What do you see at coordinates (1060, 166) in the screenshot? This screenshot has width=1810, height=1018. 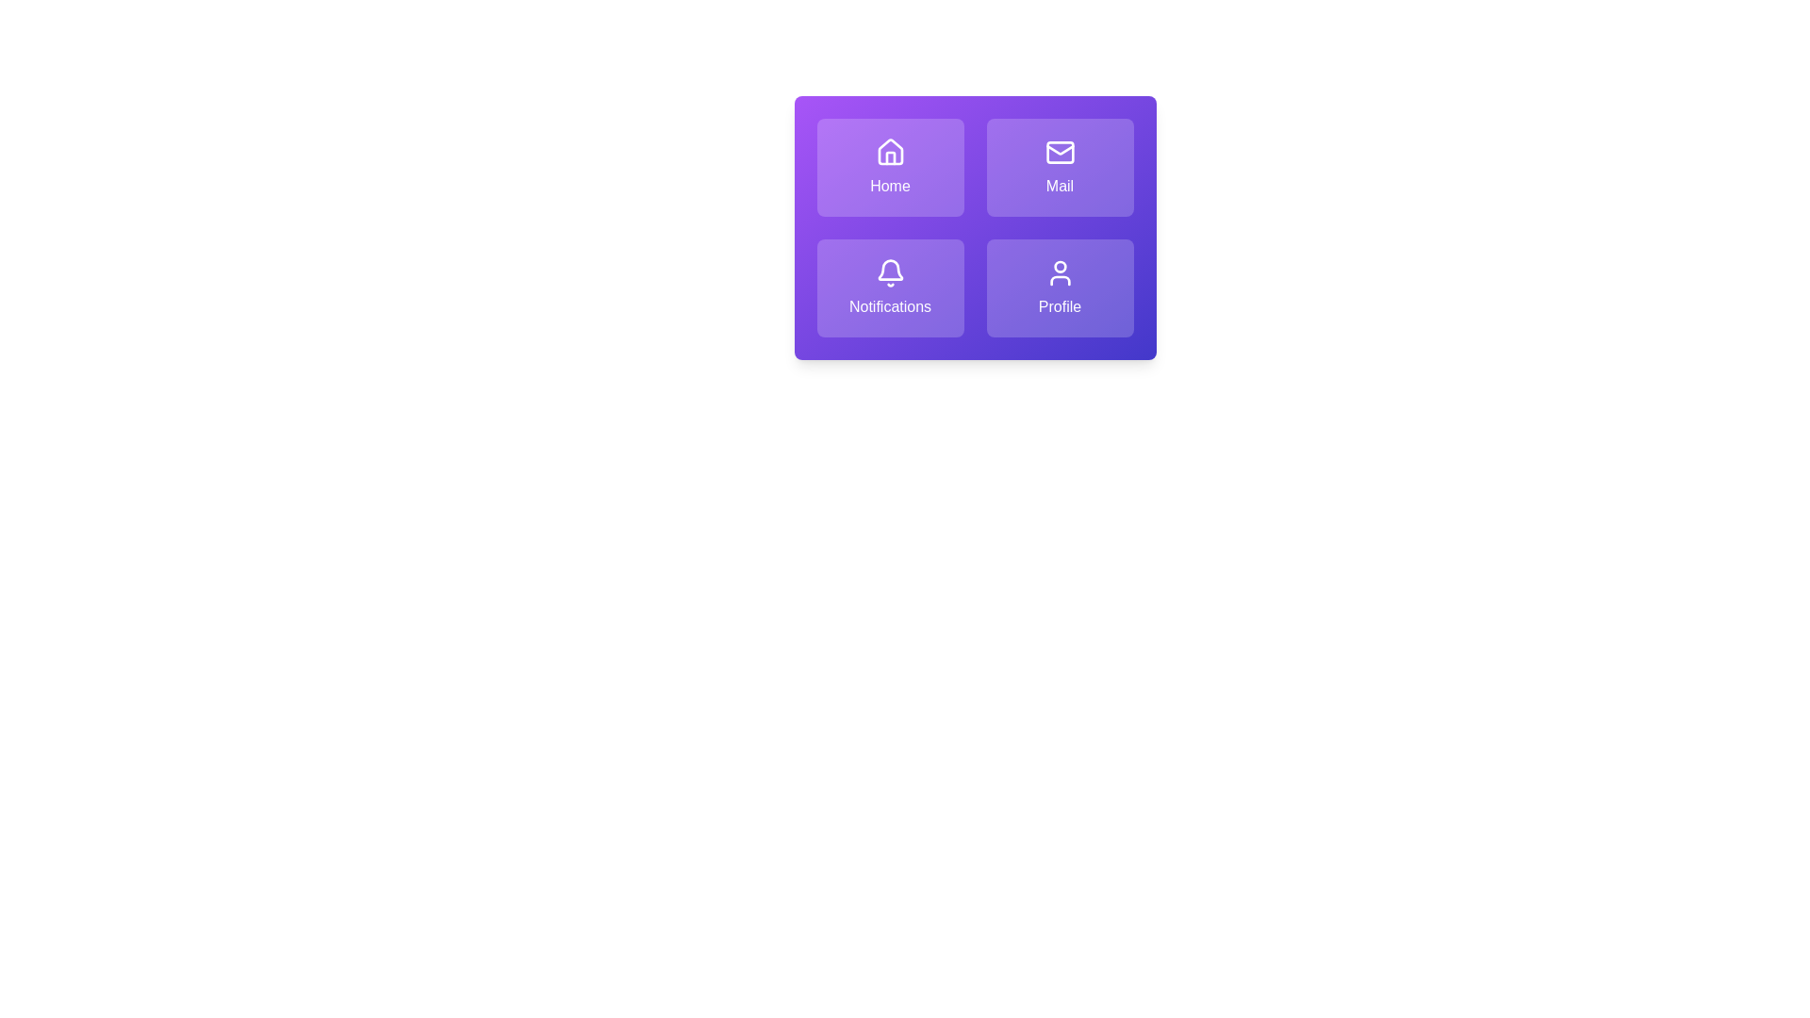 I see `the tile labeled Mail to observe its hover effect` at bounding box center [1060, 166].